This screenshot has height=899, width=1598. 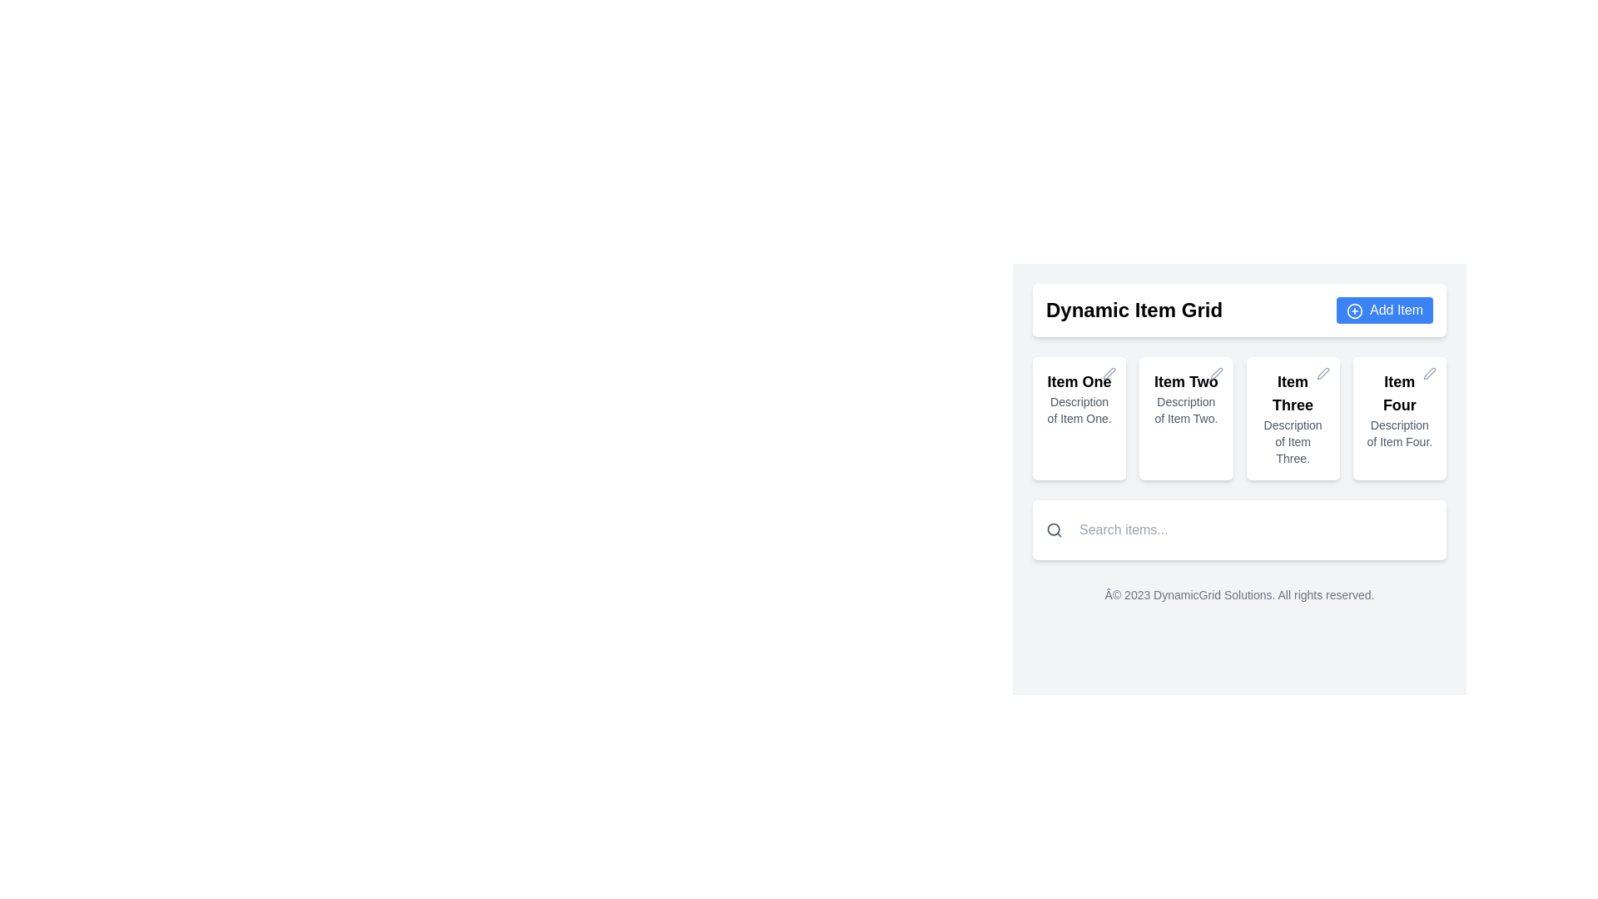 I want to click on the text label stating 'Description of Item Two.' which is located under the title 'Item Two' in the second card of a horizontally aligned grid of four cards, so click(x=1185, y=410).